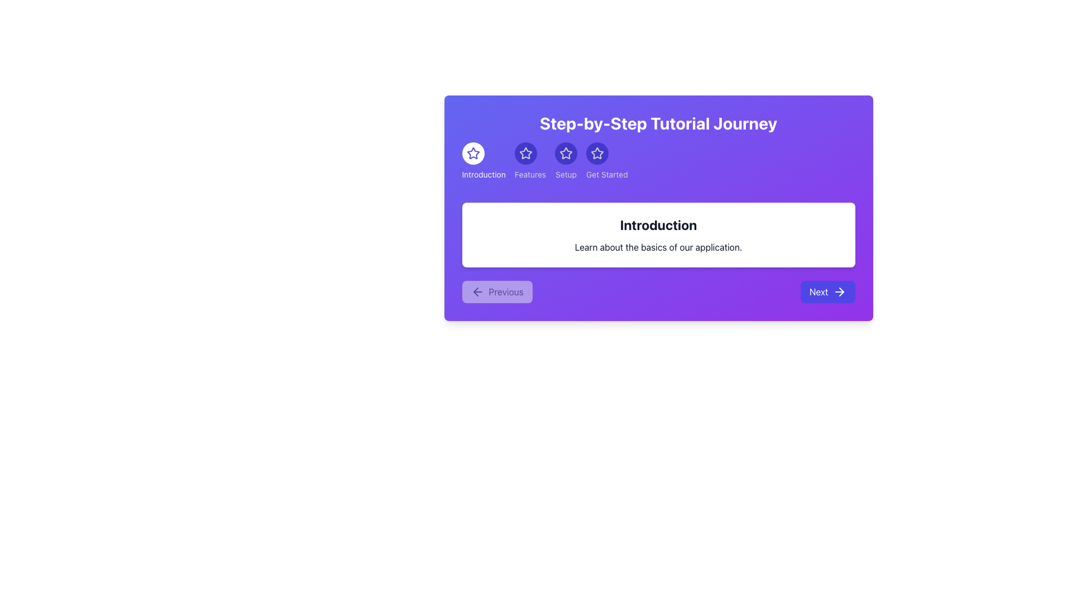  I want to click on the left-facing arrow icon within the 'Previous' button located at the bottom-left corner of the dialog box, so click(477, 291).